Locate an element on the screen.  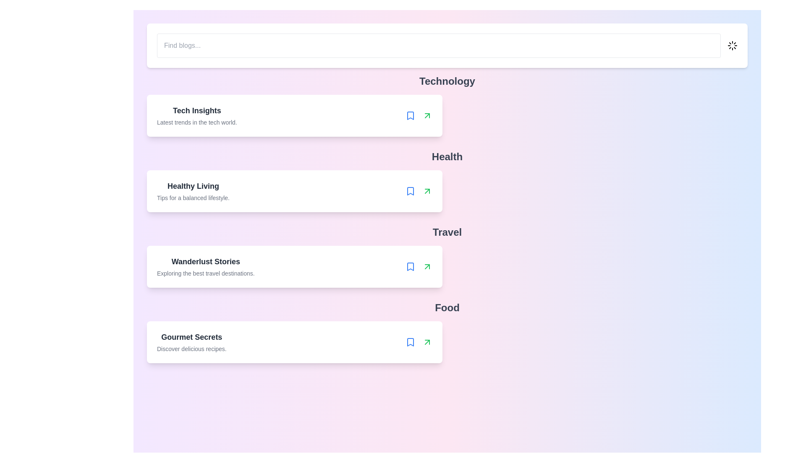
header and subtitle combination located in the 'Food' category card section, which introduces or summarizes content related to 'Gourmet Secrets.' is located at coordinates (191, 342).